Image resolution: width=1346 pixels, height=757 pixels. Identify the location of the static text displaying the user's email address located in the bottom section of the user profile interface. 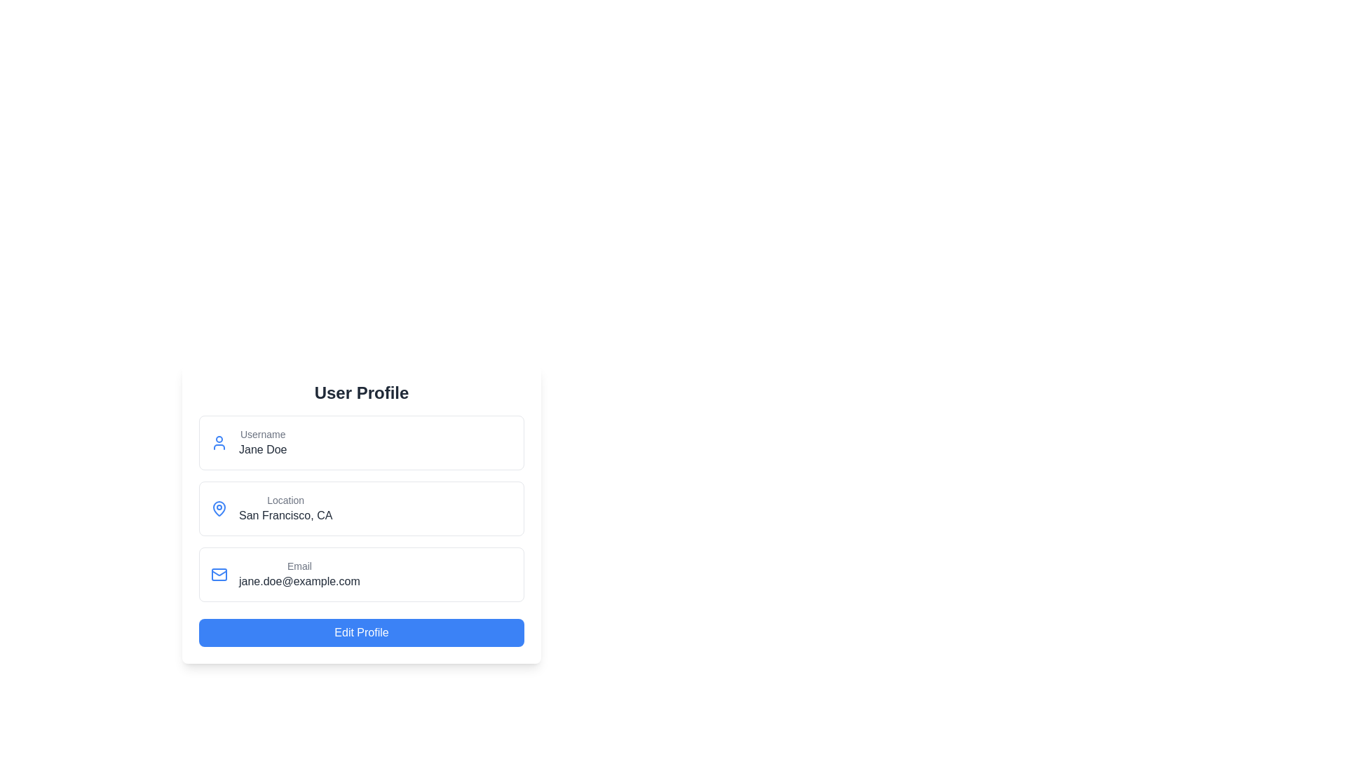
(299, 581).